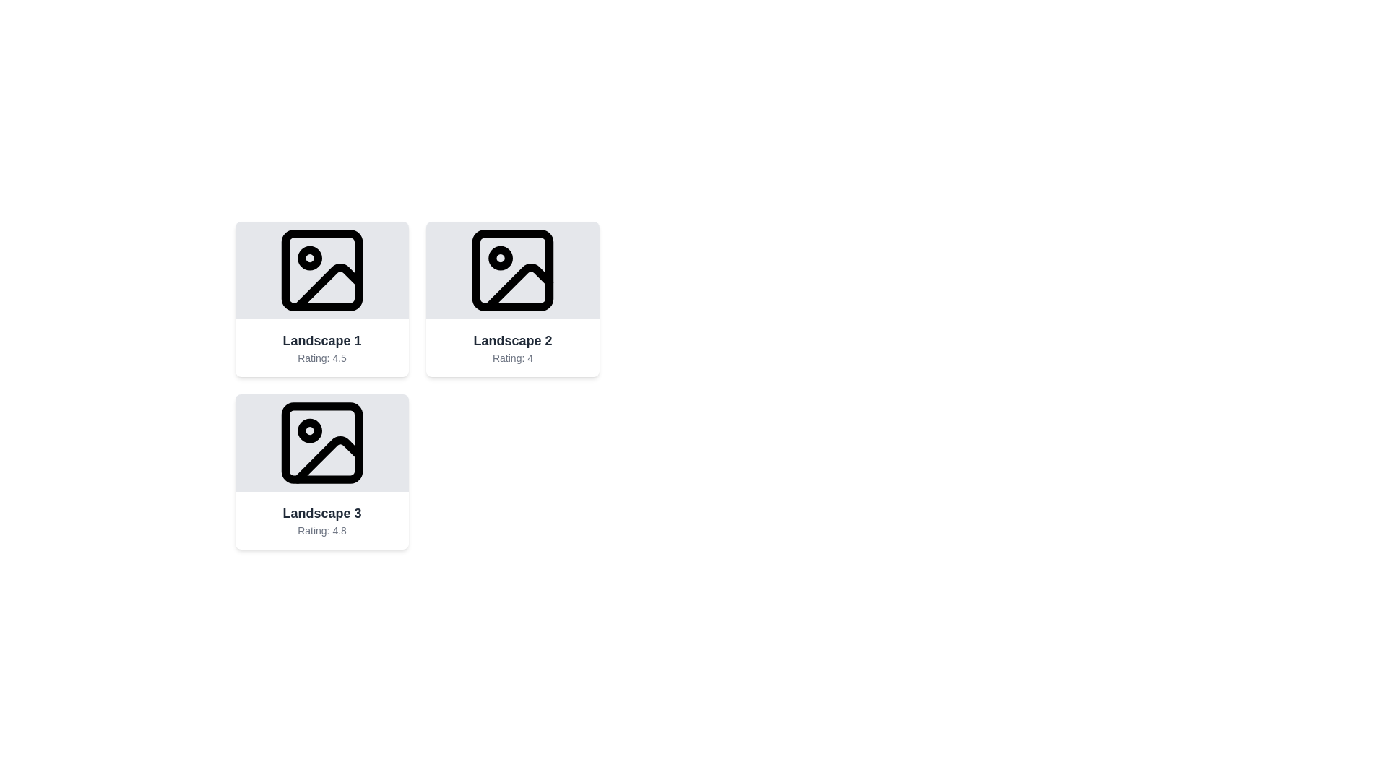 This screenshot has width=1387, height=780. I want to click on the graphical element located within the 'Landscape 1' card icon, which is positioned at the top-left part of the layout grid and forms a diagonal segment, so click(327, 287).